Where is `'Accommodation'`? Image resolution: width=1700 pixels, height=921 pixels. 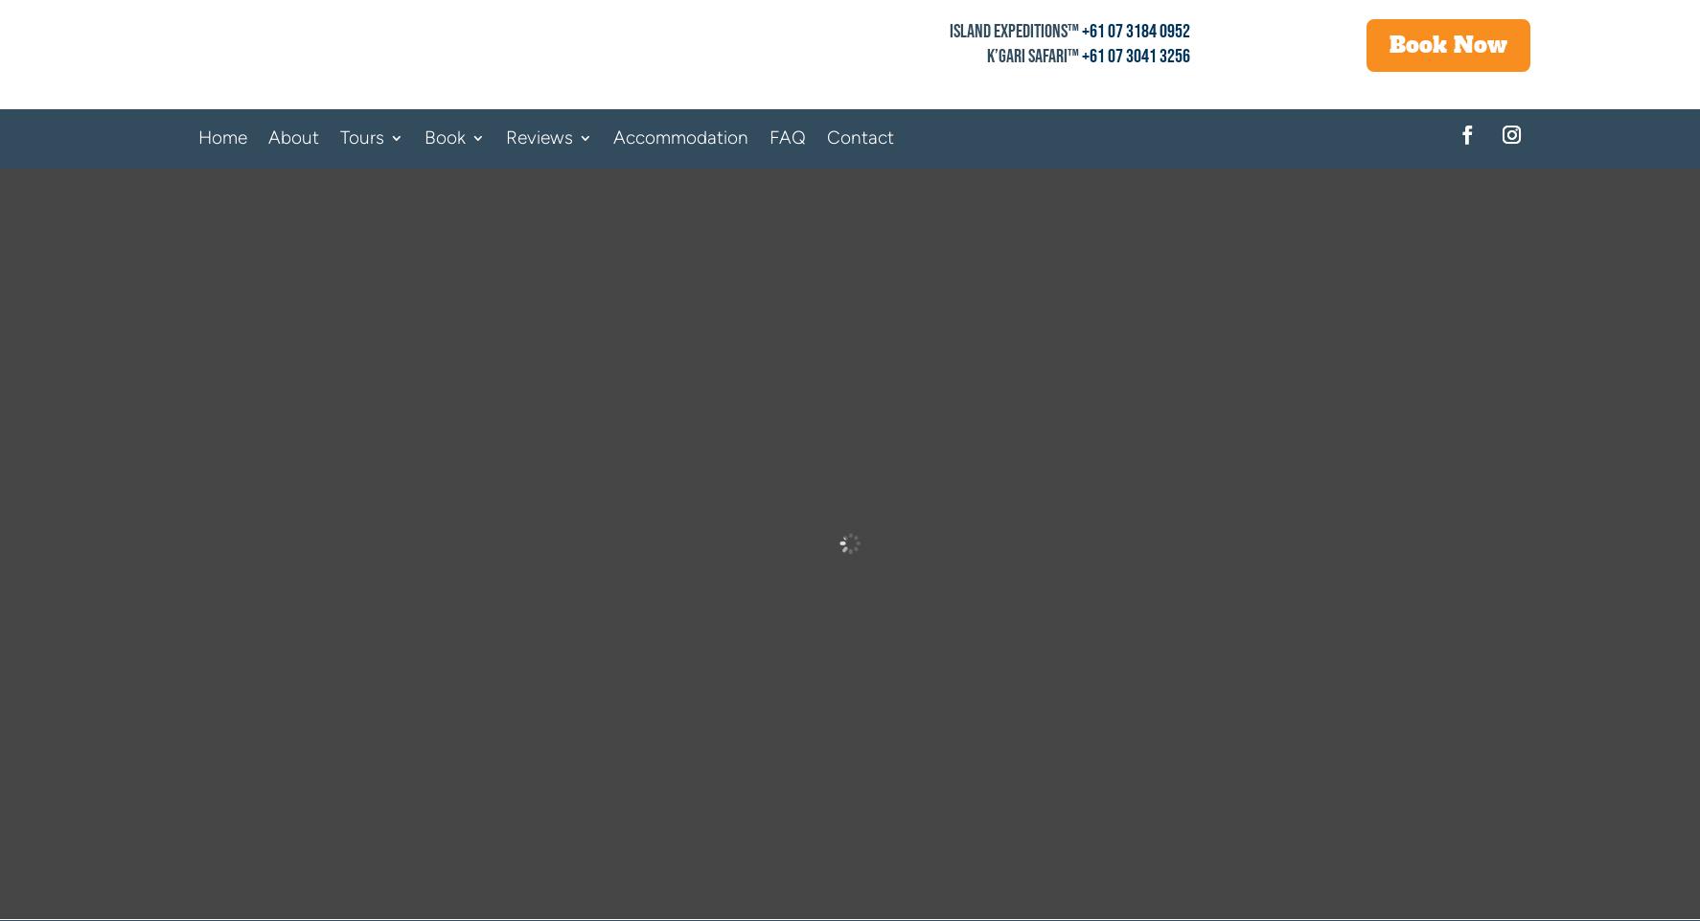 'Accommodation' is located at coordinates (679, 136).